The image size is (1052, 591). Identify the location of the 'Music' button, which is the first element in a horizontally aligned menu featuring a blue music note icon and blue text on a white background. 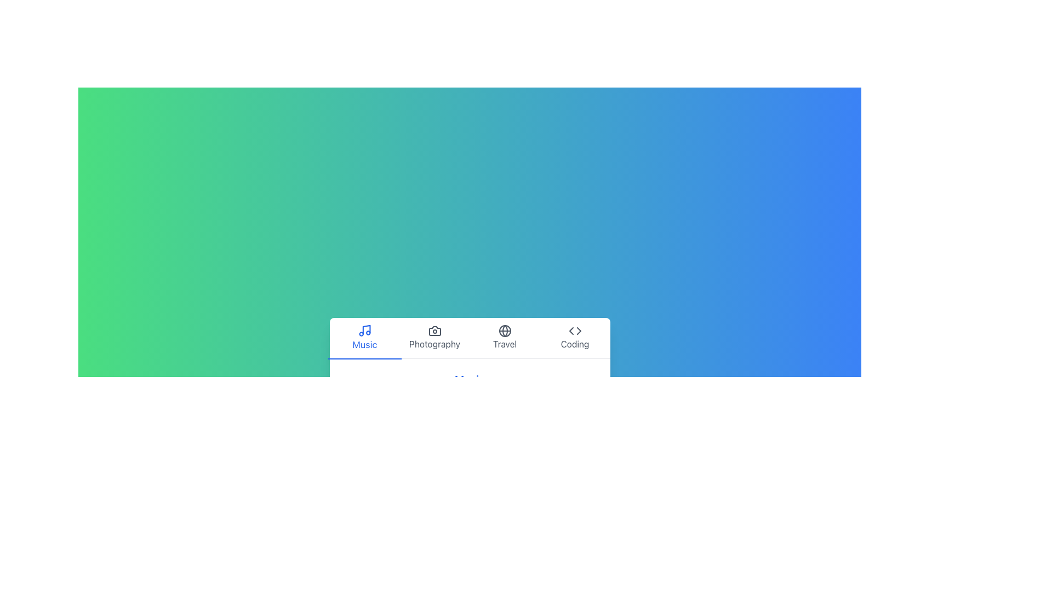
(364, 337).